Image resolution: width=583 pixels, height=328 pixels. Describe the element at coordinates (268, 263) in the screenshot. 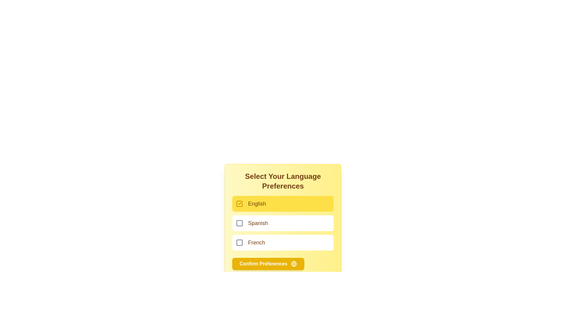

I see `the 'Confirm Preferences' button with a vibrant yellow background and white bold text` at that location.